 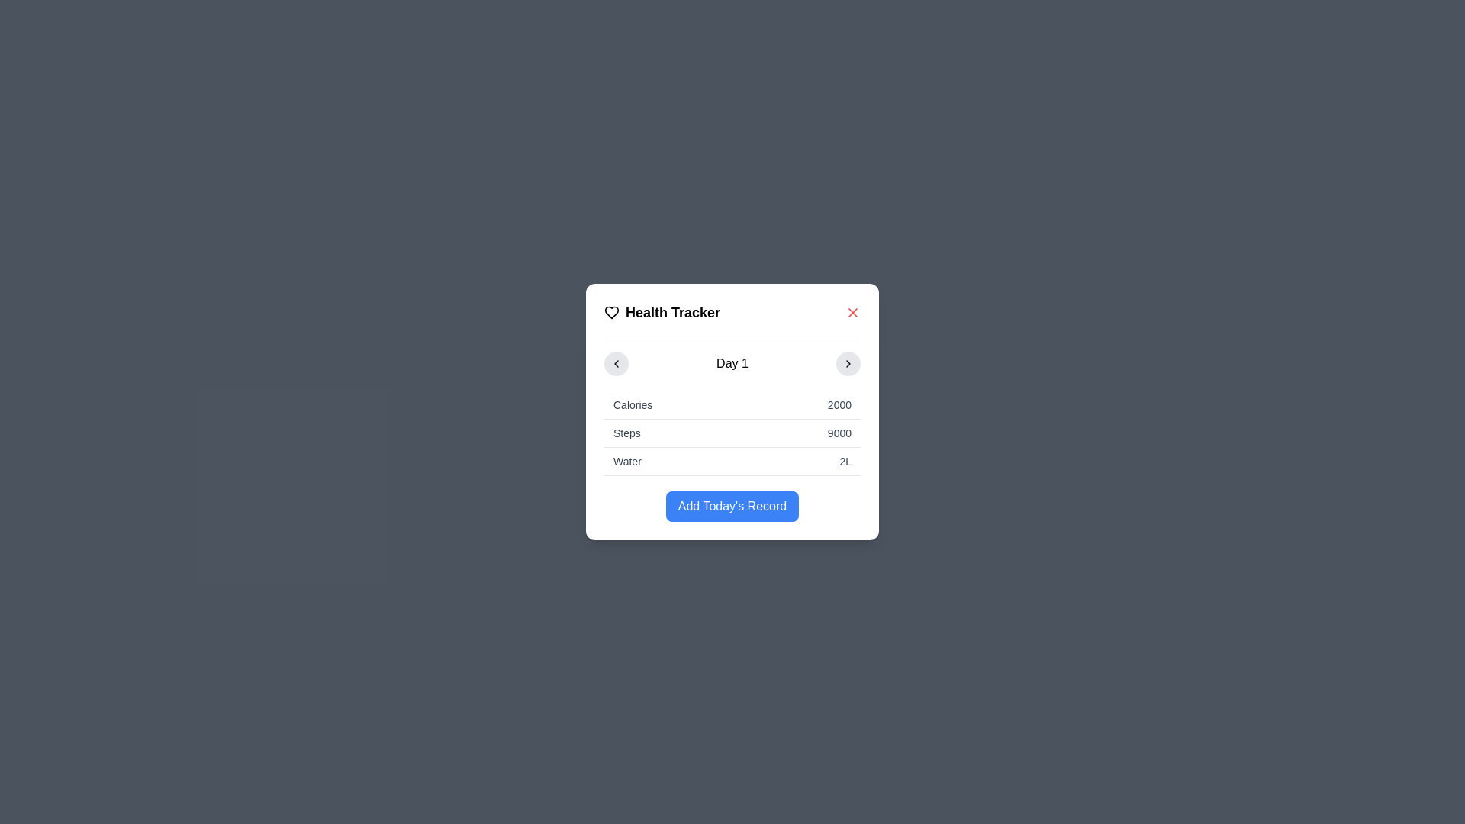 I want to click on the heart-shaped icon located in the header of the 'Health Tracker' modal dialog for visual identification, so click(x=611, y=311).